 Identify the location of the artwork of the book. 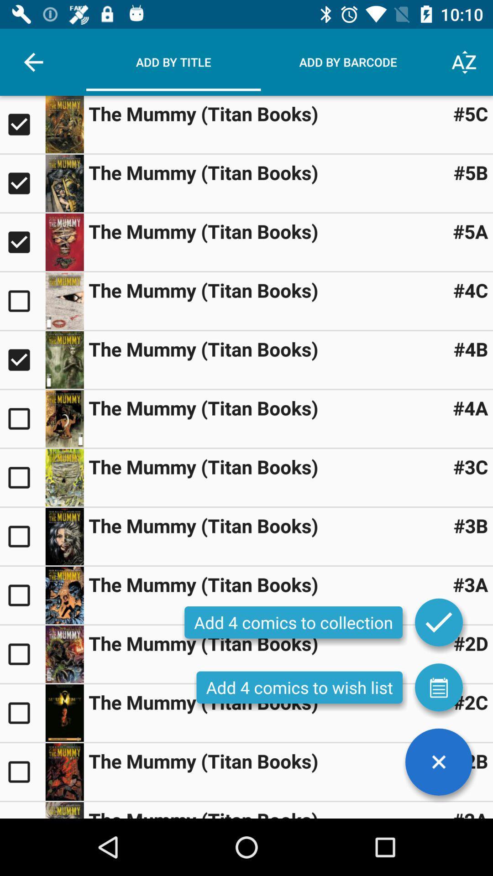
(64, 301).